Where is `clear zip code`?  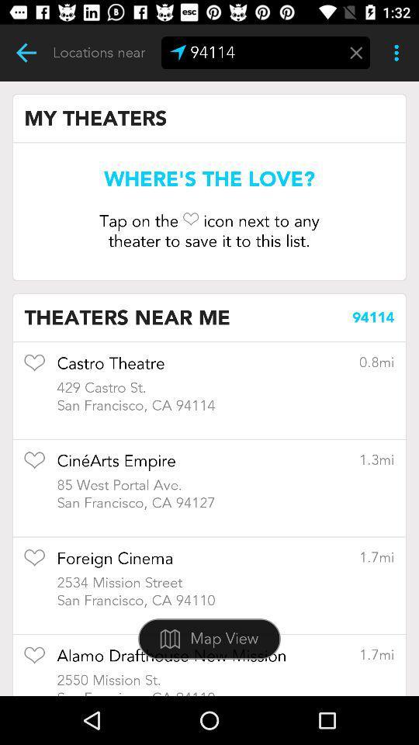 clear zip code is located at coordinates (356, 53).